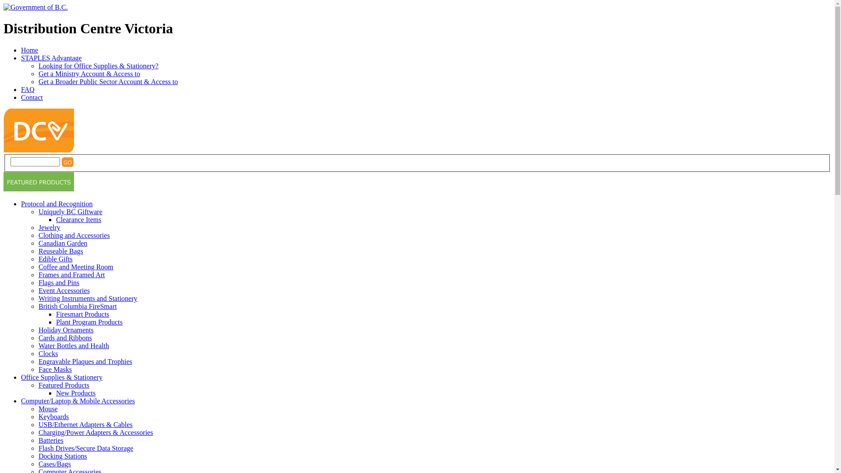  What do you see at coordinates (56, 322) in the screenshot?
I see `'Plant Program Products'` at bounding box center [56, 322].